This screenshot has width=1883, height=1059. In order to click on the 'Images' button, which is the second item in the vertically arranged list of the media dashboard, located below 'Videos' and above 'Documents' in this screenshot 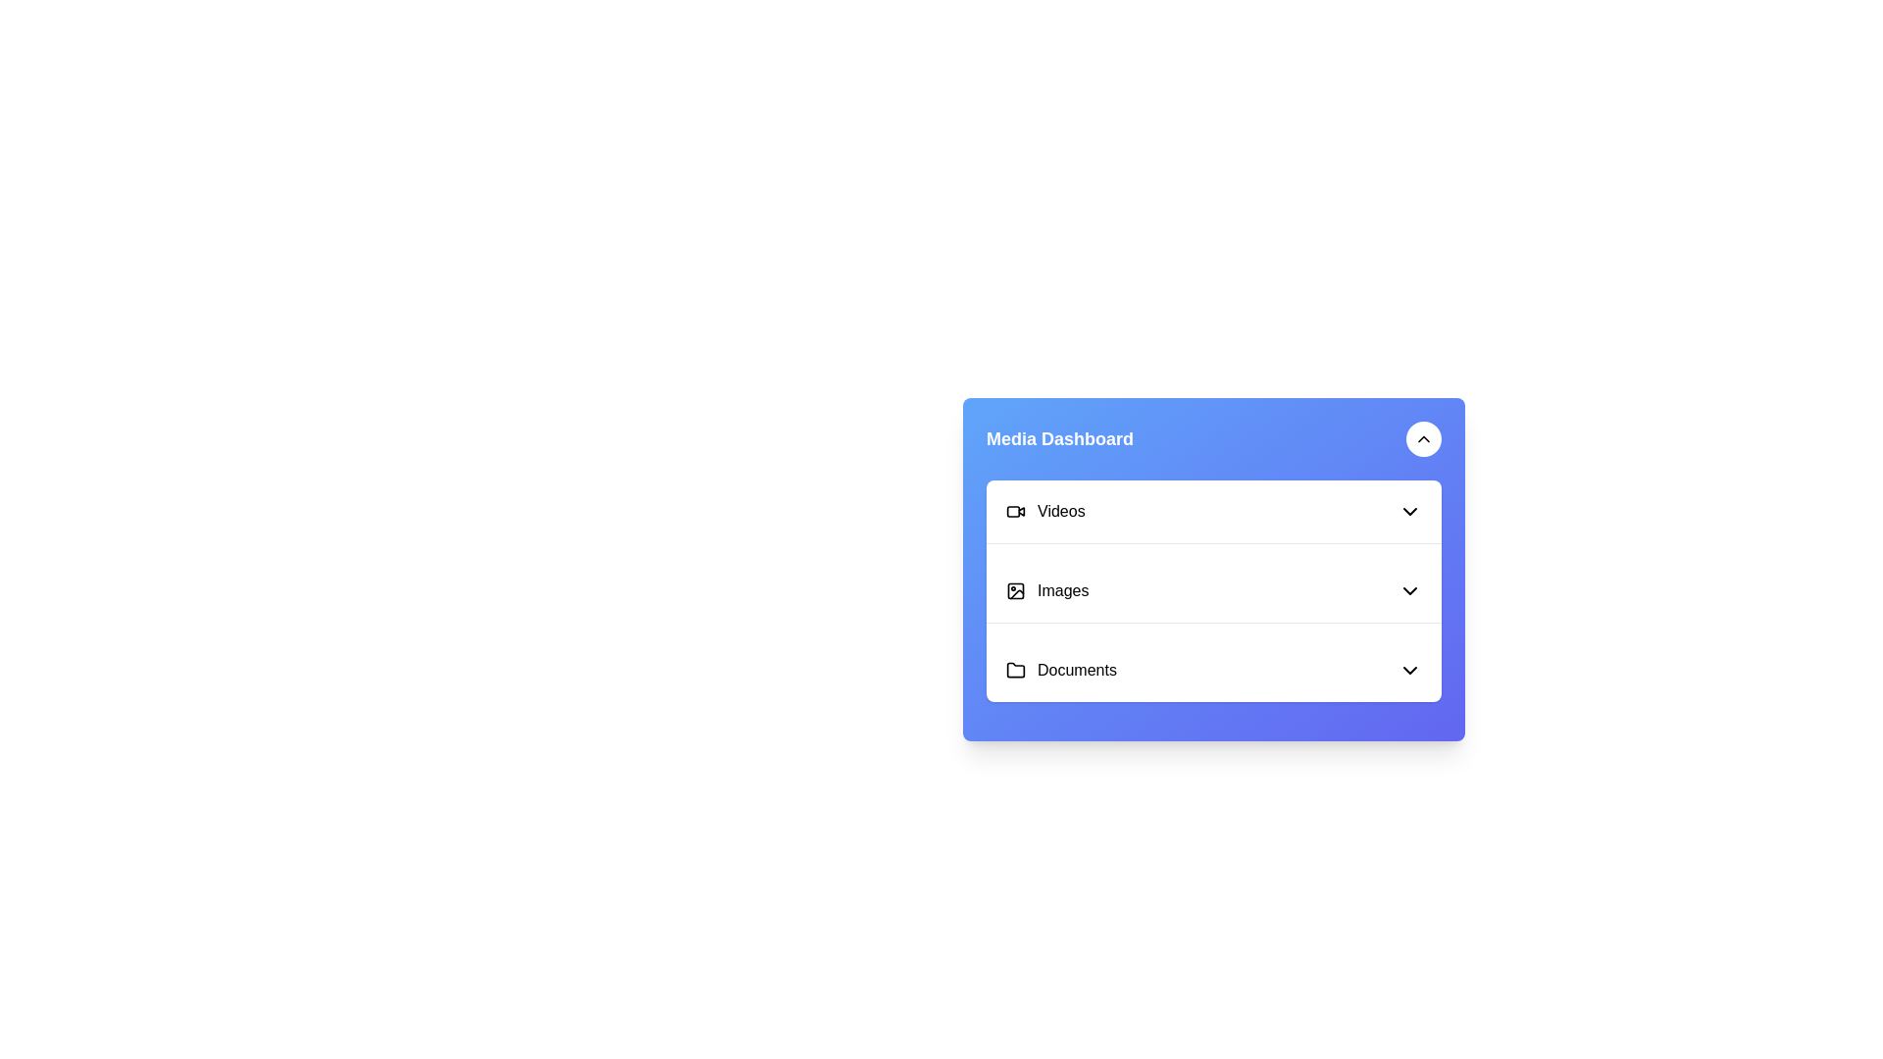, I will do `click(1213, 590)`.